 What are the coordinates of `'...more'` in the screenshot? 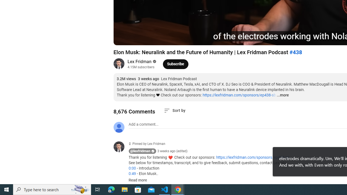 It's located at (282, 95).